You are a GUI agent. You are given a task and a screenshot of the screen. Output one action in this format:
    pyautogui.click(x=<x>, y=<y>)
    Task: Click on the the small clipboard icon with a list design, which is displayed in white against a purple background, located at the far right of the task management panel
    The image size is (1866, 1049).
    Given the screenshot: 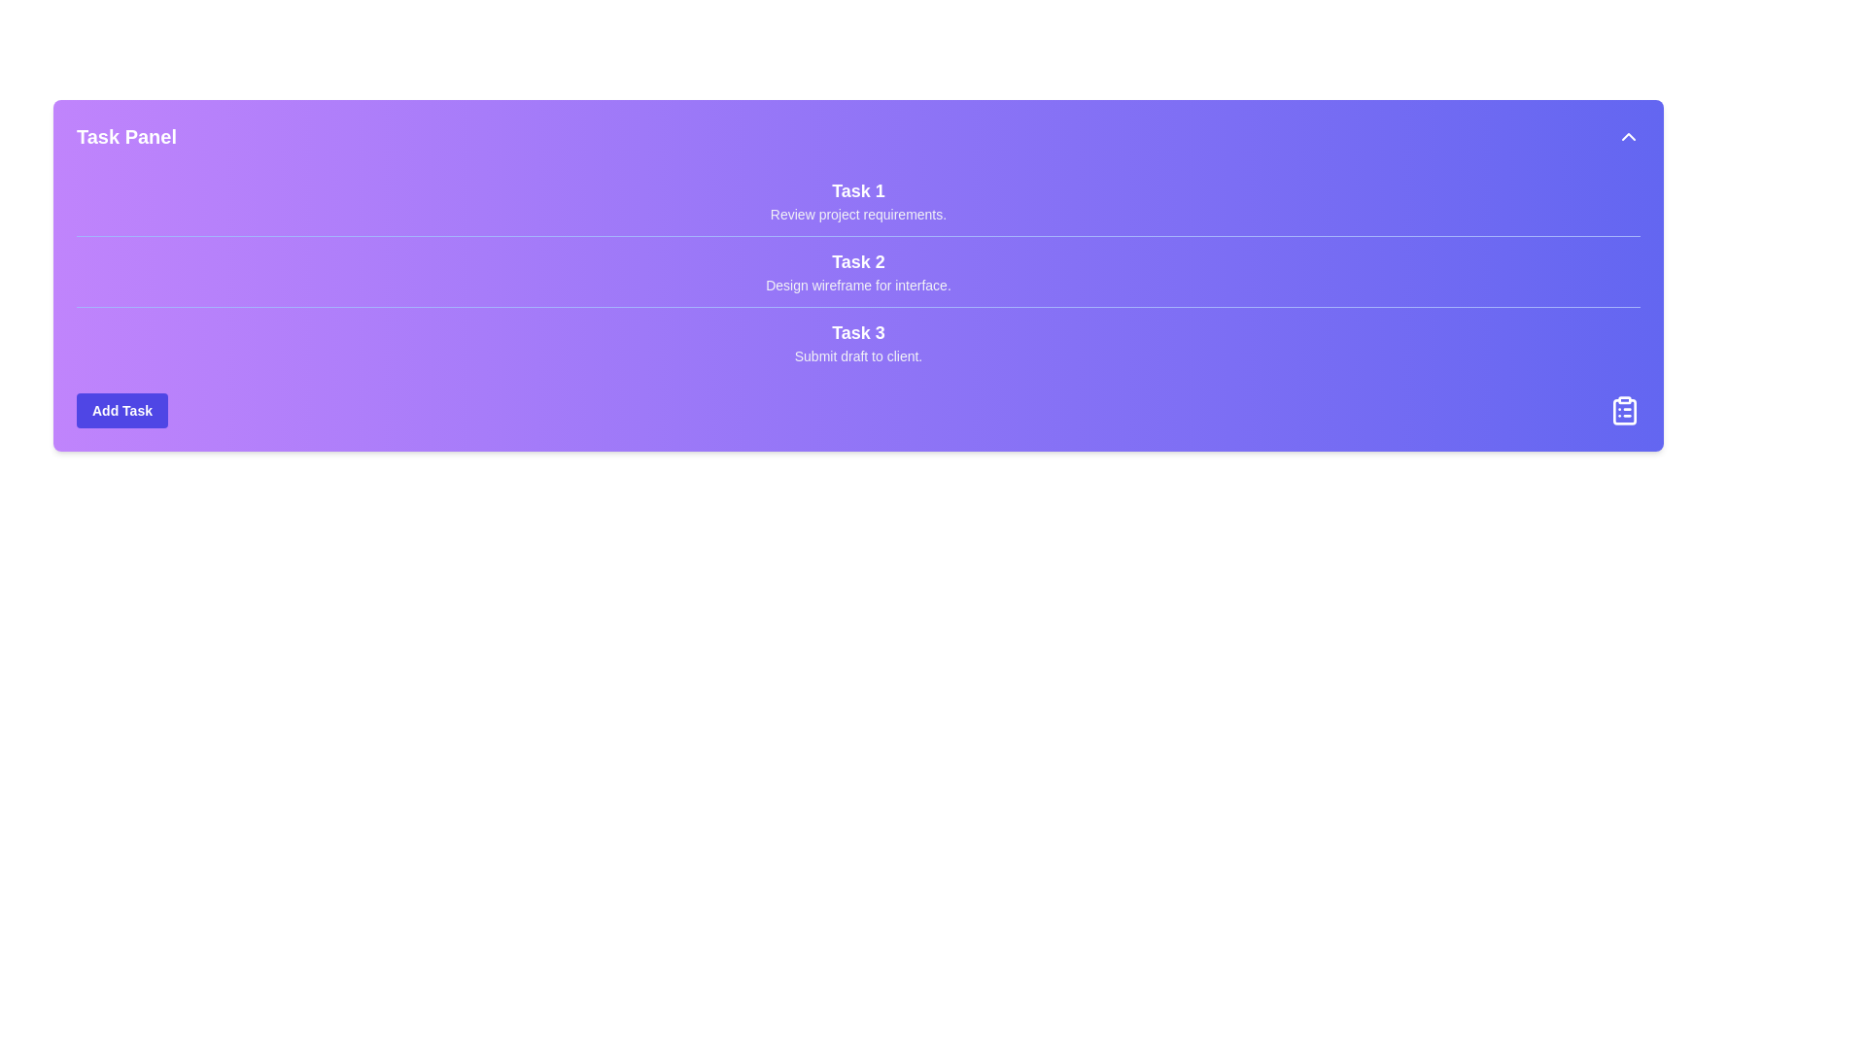 What is the action you would take?
    pyautogui.click(x=1624, y=410)
    